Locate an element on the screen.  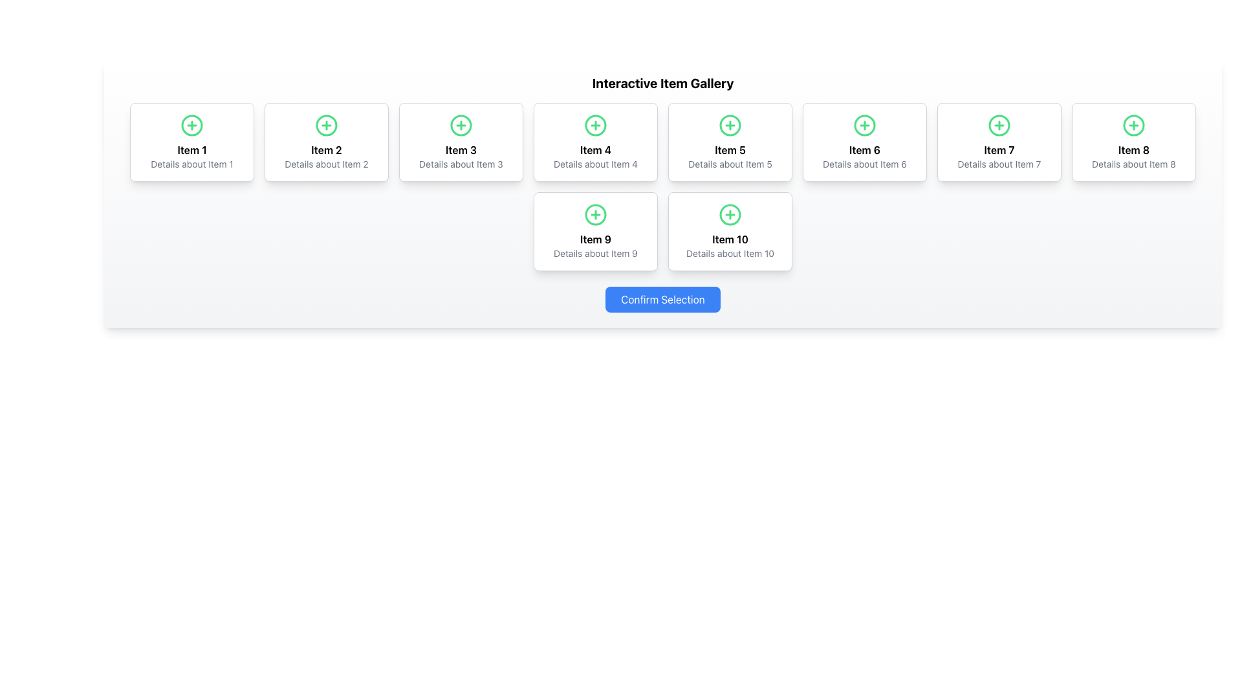
the card displaying information about 'Item 9', located in the second row and third column of the grid layout is located at coordinates (595, 231).